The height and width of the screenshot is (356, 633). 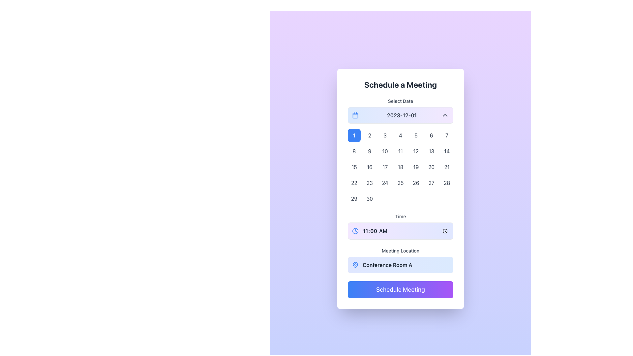 What do you see at coordinates (415, 135) in the screenshot?
I see `the rounded square button labeled '5' in the date selector grid` at bounding box center [415, 135].